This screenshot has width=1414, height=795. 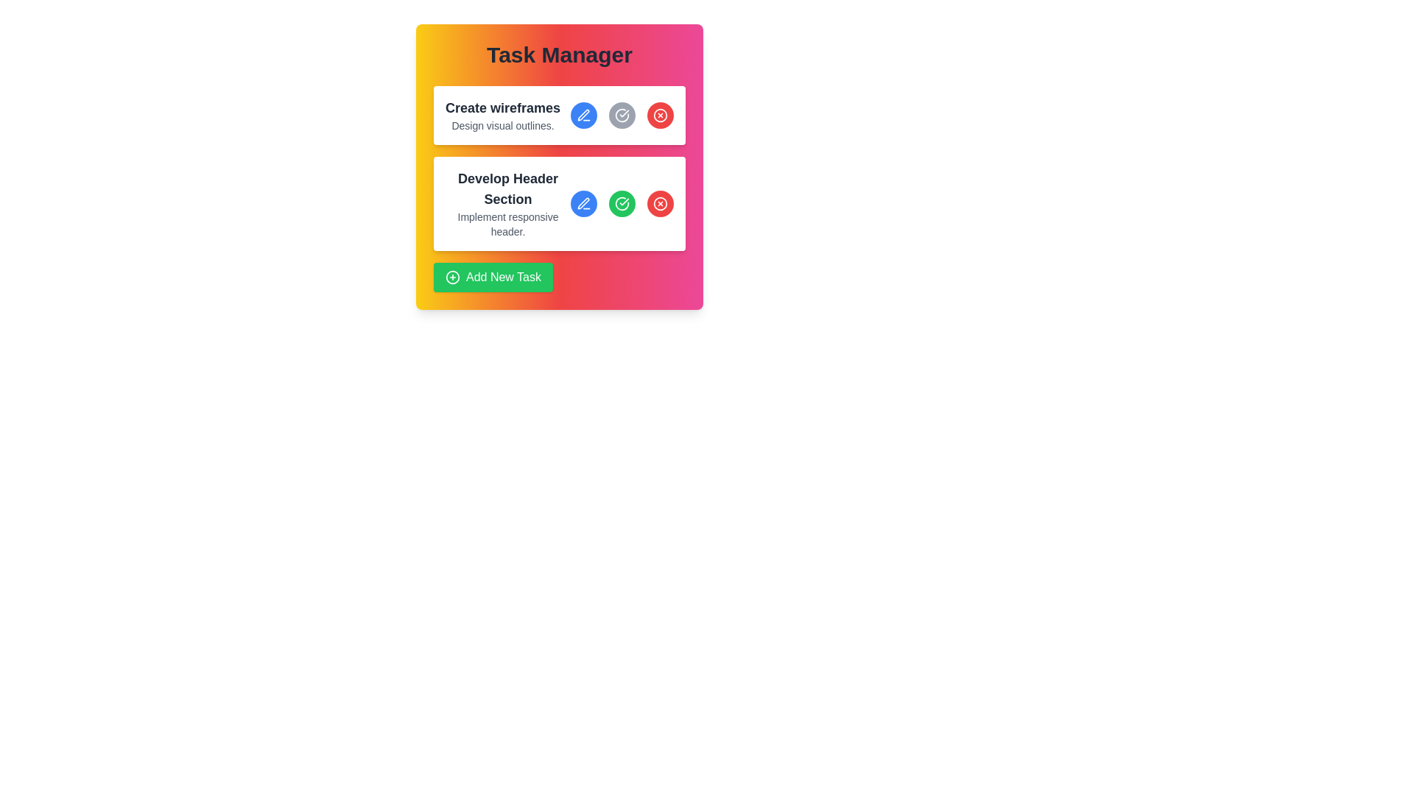 I want to click on the text label displaying 'Implement responsive header.' located below the heading 'Develop Header Section', so click(x=508, y=224).